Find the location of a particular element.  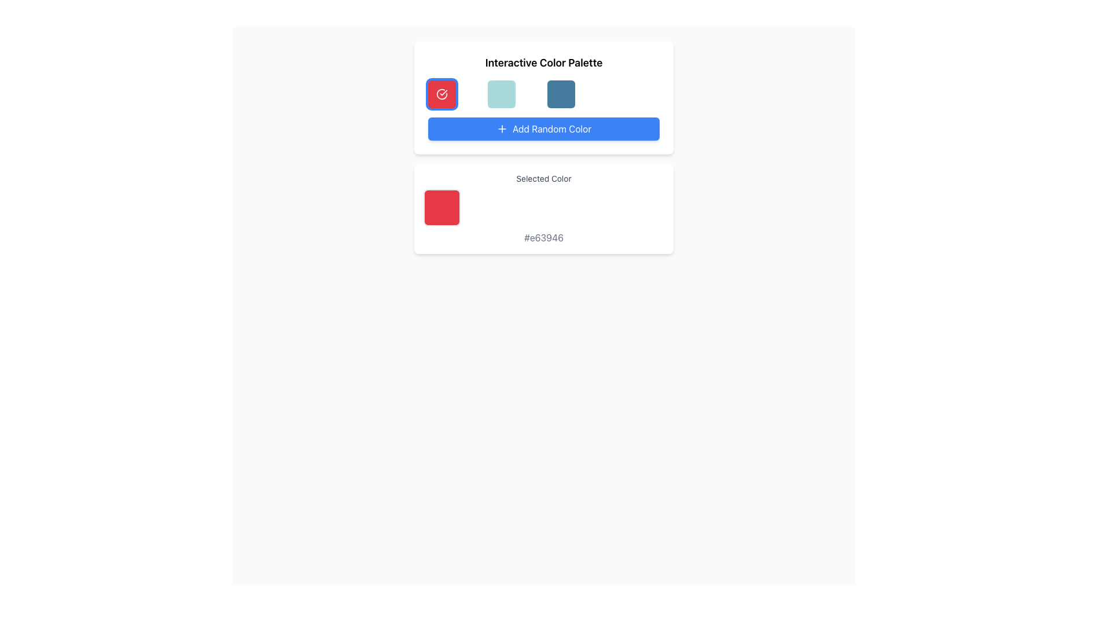

the decorative icon indicating selection or confirmation for the associated color, located within the red square button at the leftmost position of the 'Interactive Color Palette' section is located at coordinates (441, 93).